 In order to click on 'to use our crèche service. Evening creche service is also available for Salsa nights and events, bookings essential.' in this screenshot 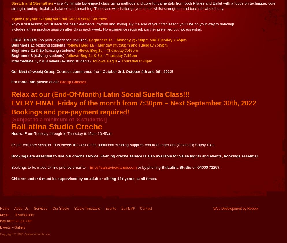, I will do `click(155, 156)`.